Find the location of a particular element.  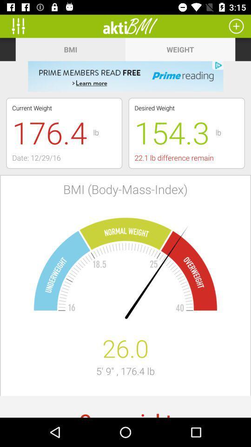

information about amazon prime an advertisement is located at coordinates (125, 76).